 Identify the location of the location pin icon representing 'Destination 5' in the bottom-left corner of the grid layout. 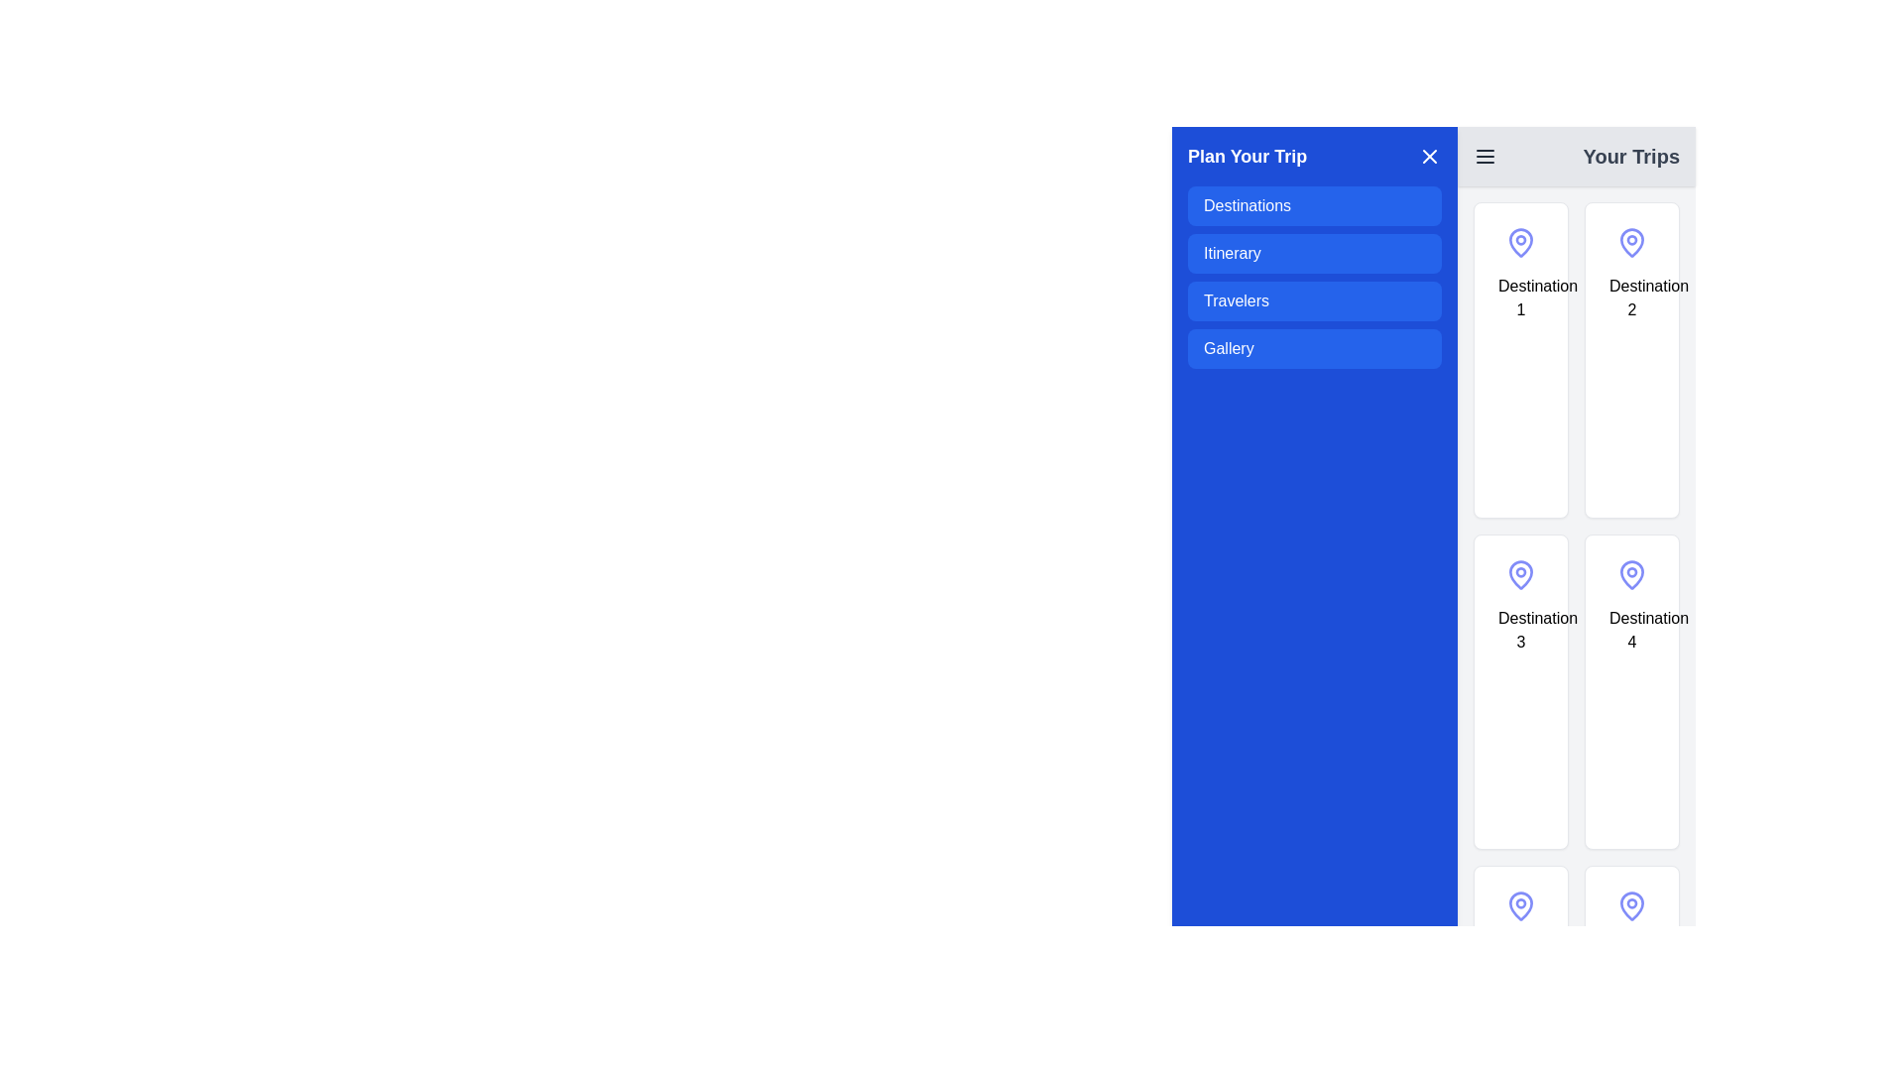
(1520, 906).